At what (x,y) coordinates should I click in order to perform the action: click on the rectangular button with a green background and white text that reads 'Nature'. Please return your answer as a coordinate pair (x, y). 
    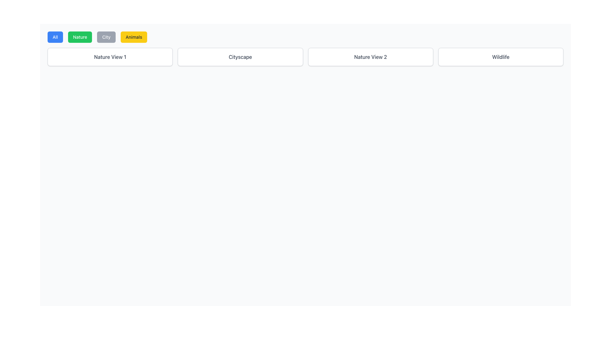
    Looking at the image, I should click on (80, 37).